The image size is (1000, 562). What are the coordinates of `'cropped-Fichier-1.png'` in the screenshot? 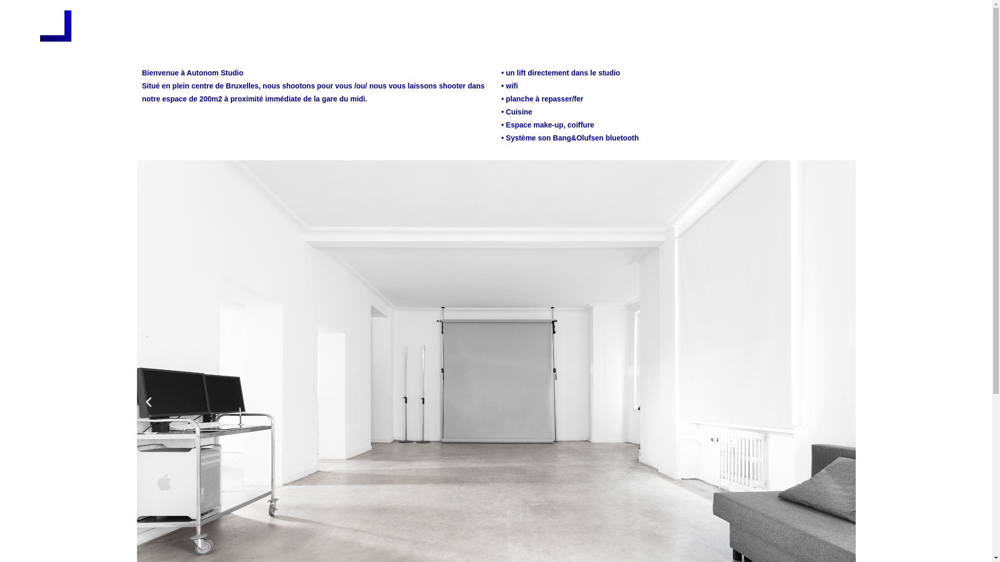 It's located at (55, 25).